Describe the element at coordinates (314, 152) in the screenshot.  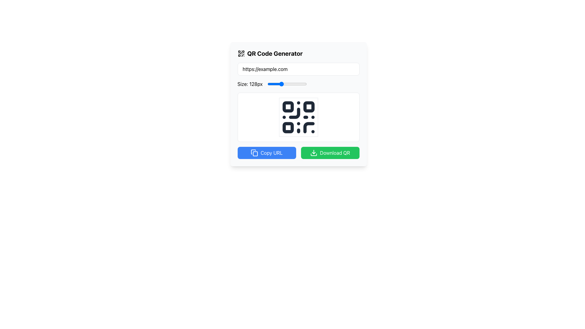
I see `the line-style download icon, which is a downward-pointing arrow over a rectangular base, located within the green 'Download QR' button at the bottom-right of the interface` at that location.